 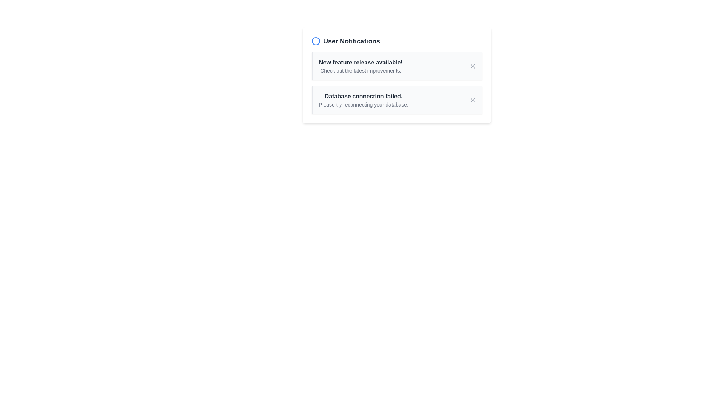 I want to click on the dismiss Icon button located at the far right of the notification bar announcing 'New feature release available!', so click(x=472, y=66).